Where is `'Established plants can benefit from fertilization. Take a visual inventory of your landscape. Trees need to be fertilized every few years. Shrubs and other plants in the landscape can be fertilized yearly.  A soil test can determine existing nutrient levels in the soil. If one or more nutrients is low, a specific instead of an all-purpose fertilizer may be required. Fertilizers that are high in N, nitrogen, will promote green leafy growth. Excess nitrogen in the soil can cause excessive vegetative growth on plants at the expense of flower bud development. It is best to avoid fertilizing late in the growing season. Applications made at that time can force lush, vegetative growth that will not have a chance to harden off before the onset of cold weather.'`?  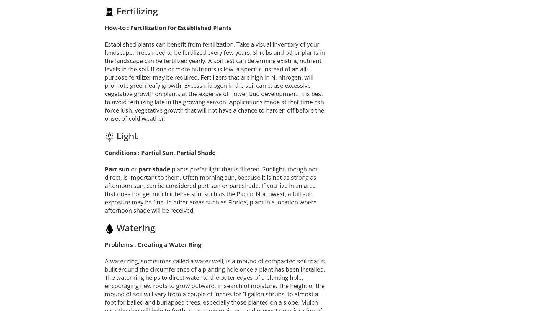 'Established plants can benefit from fertilization. Take a visual inventory of your landscape. Trees need to be fertilized every few years. Shrubs and other plants in the landscape can be fertilized yearly.  A soil test can determine existing nutrient levels in the soil. If one or more nutrients is low, a specific instead of an all-purpose fertilizer may be required. Fertilizers that are high in N, nitrogen, will promote green leafy growth. Excess nitrogen in the soil can cause excessive vegetative growth on plants at the expense of flower bud development. It is best to avoid fertilizing late in the growing season. Applications made at that time can force lush, vegetative growth that will not have a chance to harden off before the onset of cold weather.' is located at coordinates (215, 81).